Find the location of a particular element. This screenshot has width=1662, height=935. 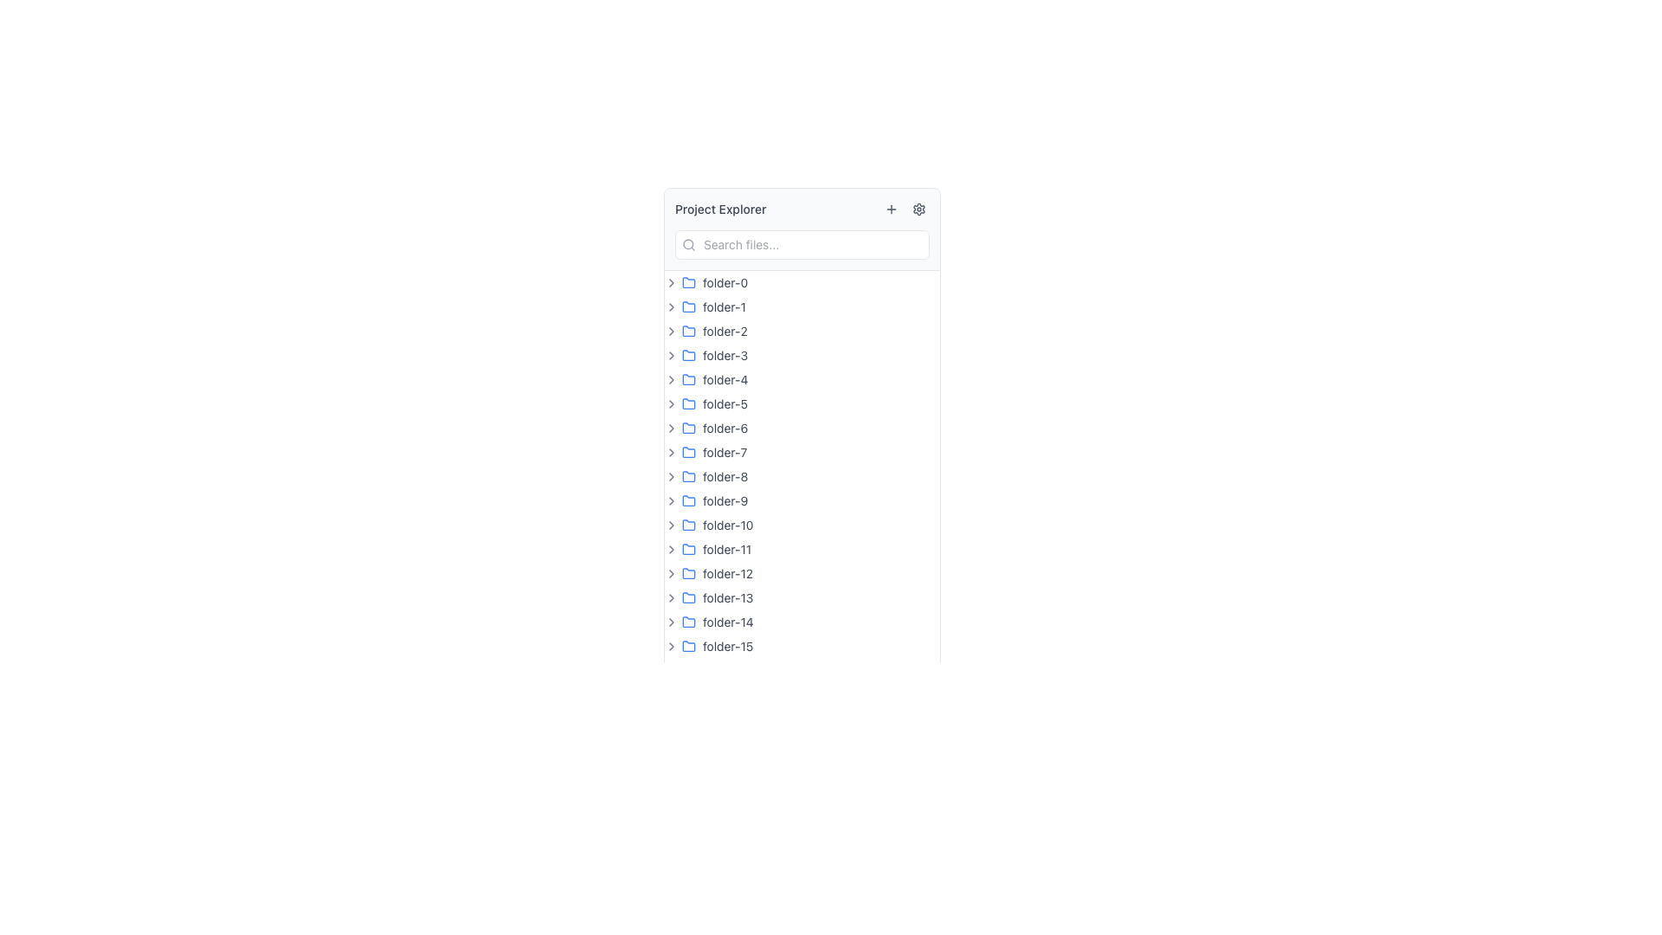

the blue folder icon for 'folder-7', which is located to the left of the text label 'folder-7' is located at coordinates (688, 452).